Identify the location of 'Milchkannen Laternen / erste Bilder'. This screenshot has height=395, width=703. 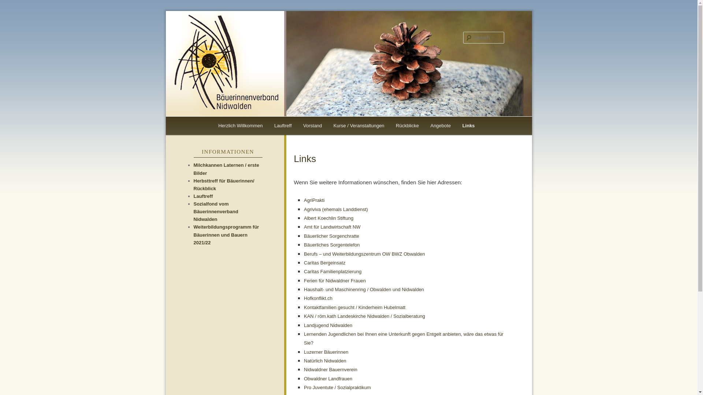
(226, 169).